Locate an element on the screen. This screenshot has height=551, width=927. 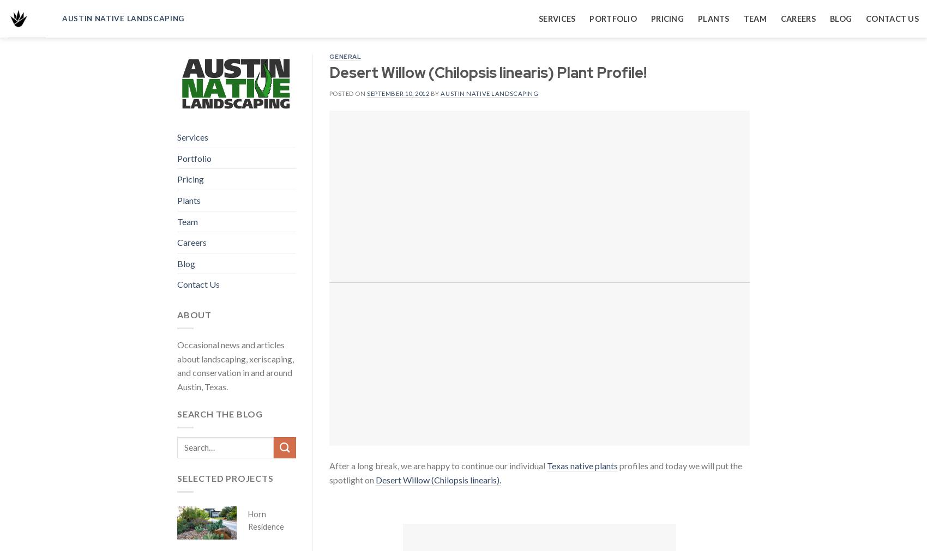
'General' is located at coordinates (344, 56).